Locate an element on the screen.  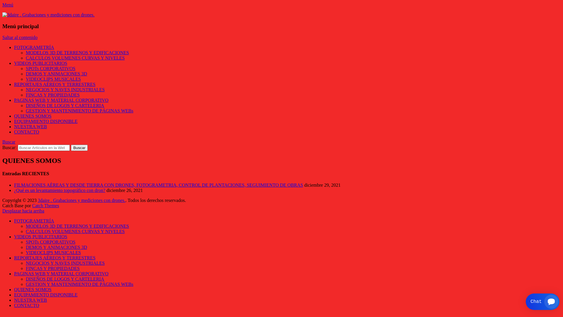
'DEMOS Y ANIMACIONES 3D' is located at coordinates (56, 247).